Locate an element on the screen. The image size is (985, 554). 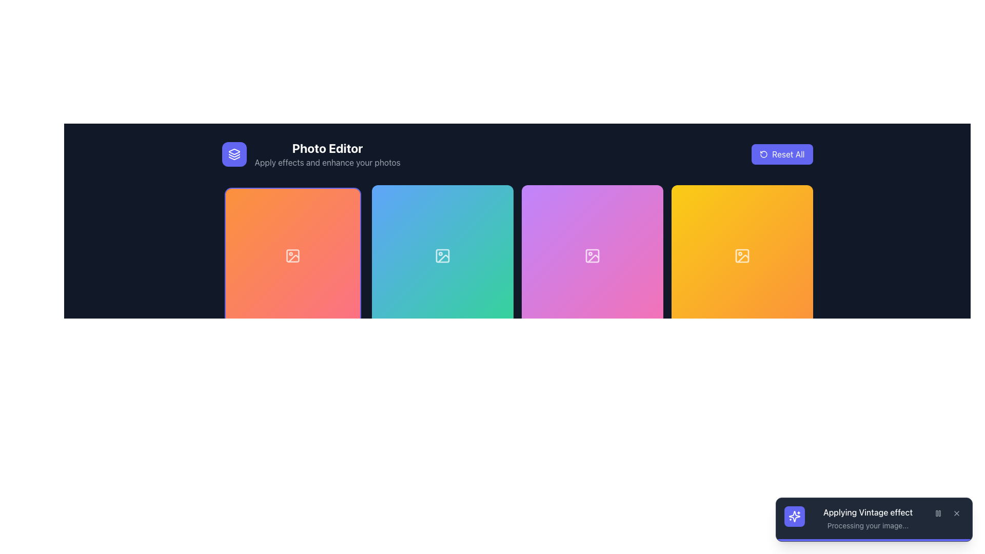
the minimalistic landscape icon with a sun, centrally is located at coordinates (292, 255).